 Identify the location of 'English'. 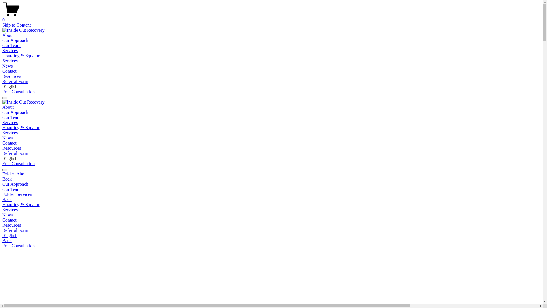
(271, 235).